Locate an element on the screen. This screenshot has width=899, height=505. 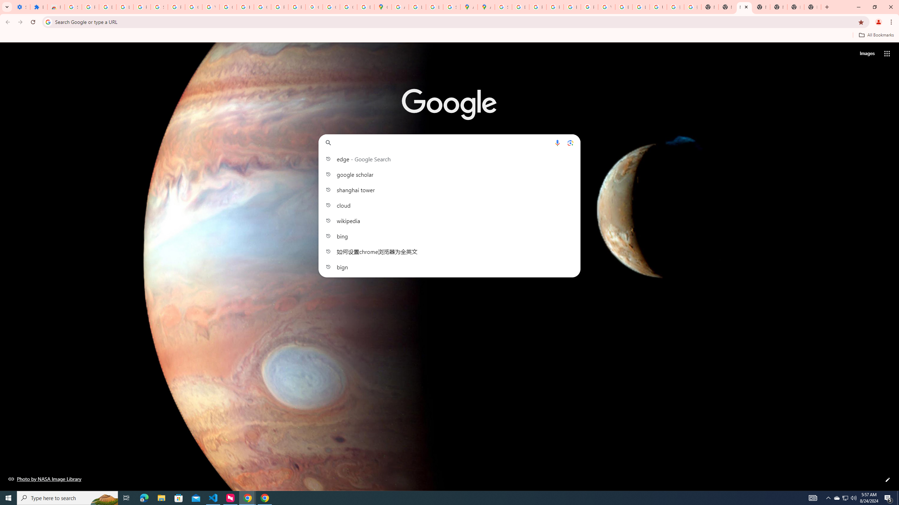
'Learn how to find your photos - Google Photos Help' is located at coordinates (124, 7).